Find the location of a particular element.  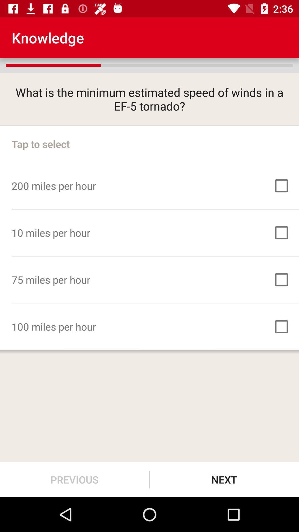

the previous is located at coordinates (74, 479).